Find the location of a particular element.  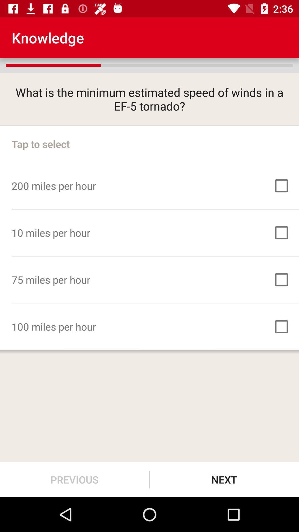

the previous is located at coordinates (74, 479).